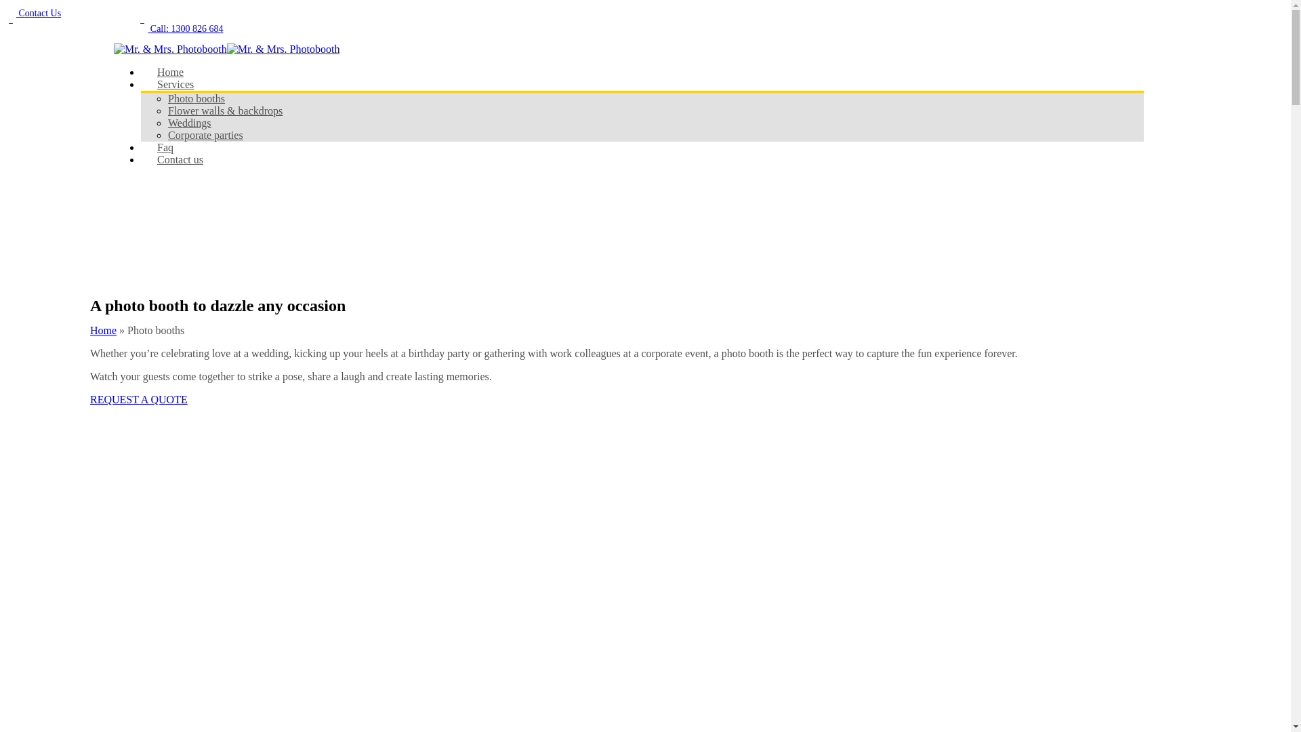 The width and height of the screenshot is (1301, 732). Describe the element at coordinates (195, 98) in the screenshot. I see `'Photo booths'` at that location.